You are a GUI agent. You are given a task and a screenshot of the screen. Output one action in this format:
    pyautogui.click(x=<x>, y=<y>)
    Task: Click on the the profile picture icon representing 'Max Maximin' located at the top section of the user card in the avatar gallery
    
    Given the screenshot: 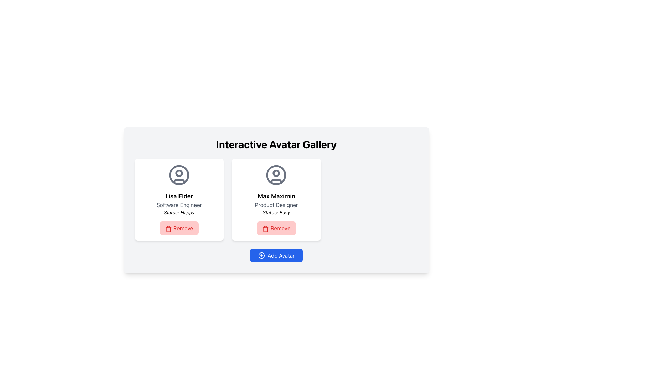 What is the action you would take?
    pyautogui.click(x=276, y=174)
    